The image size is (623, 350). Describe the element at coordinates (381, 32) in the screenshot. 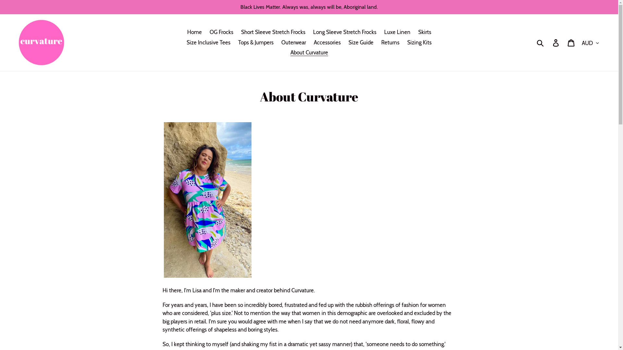

I see `'Luxe Linen'` at that location.